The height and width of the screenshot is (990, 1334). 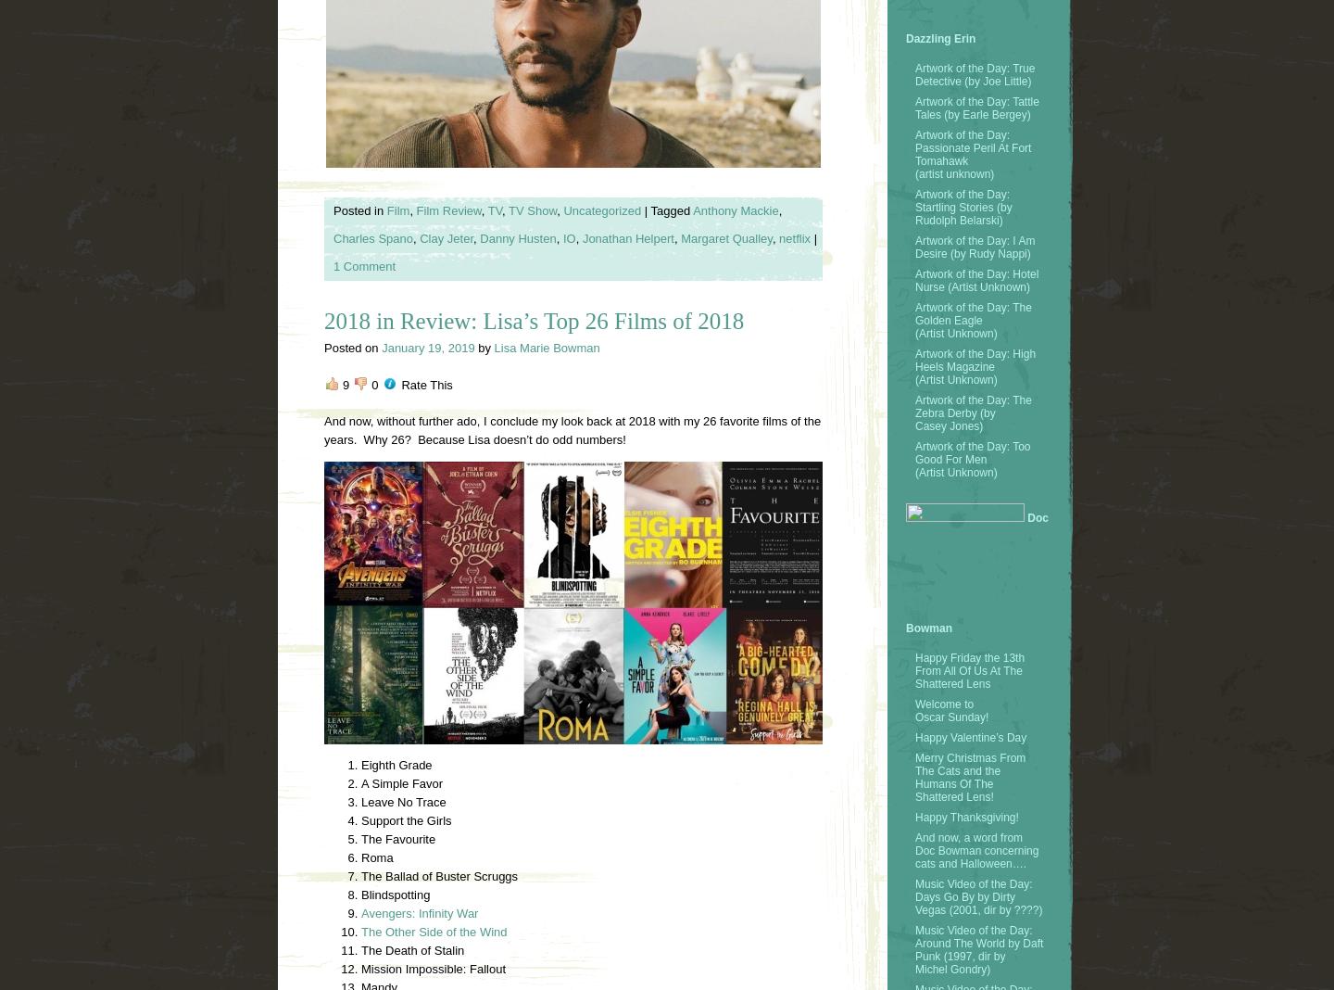 What do you see at coordinates (445, 238) in the screenshot?
I see `'Clay Jeter'` at bounding box center [445, 238].